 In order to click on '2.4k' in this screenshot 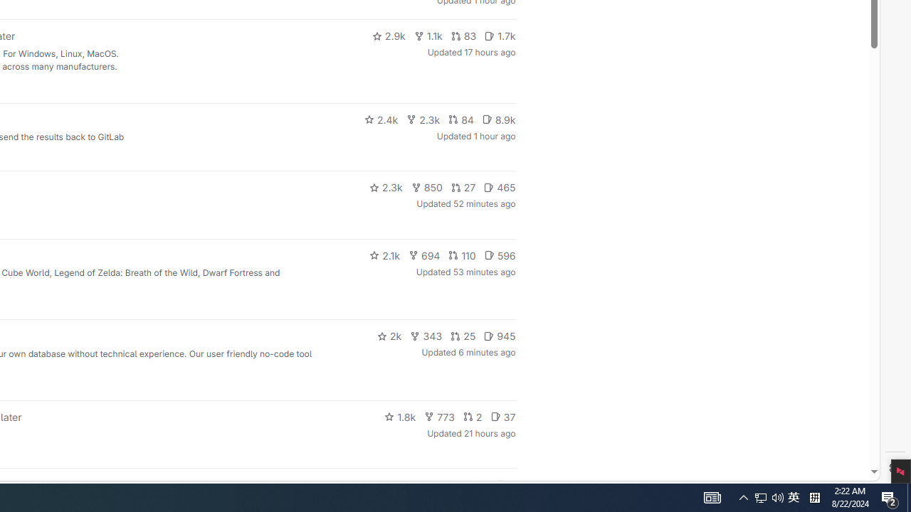, I will do `click(381, 119)`.